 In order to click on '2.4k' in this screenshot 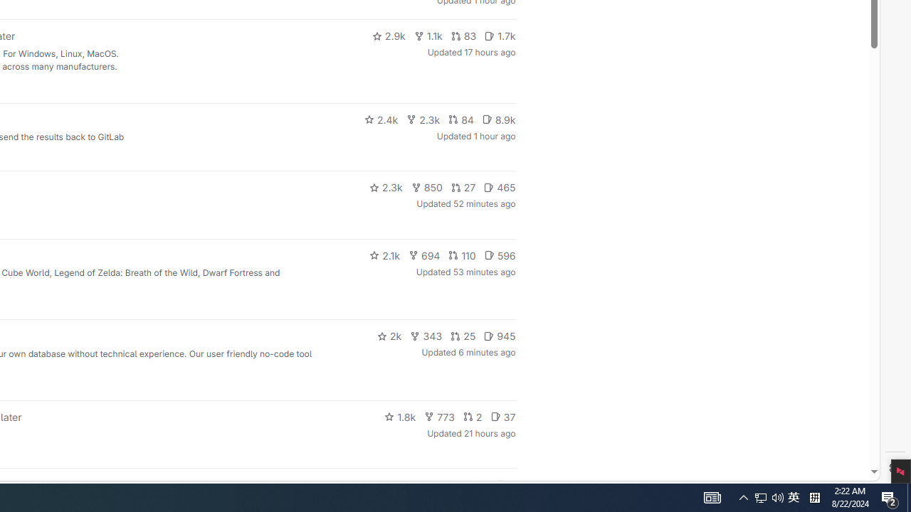, I will do `click(381, 119)`.